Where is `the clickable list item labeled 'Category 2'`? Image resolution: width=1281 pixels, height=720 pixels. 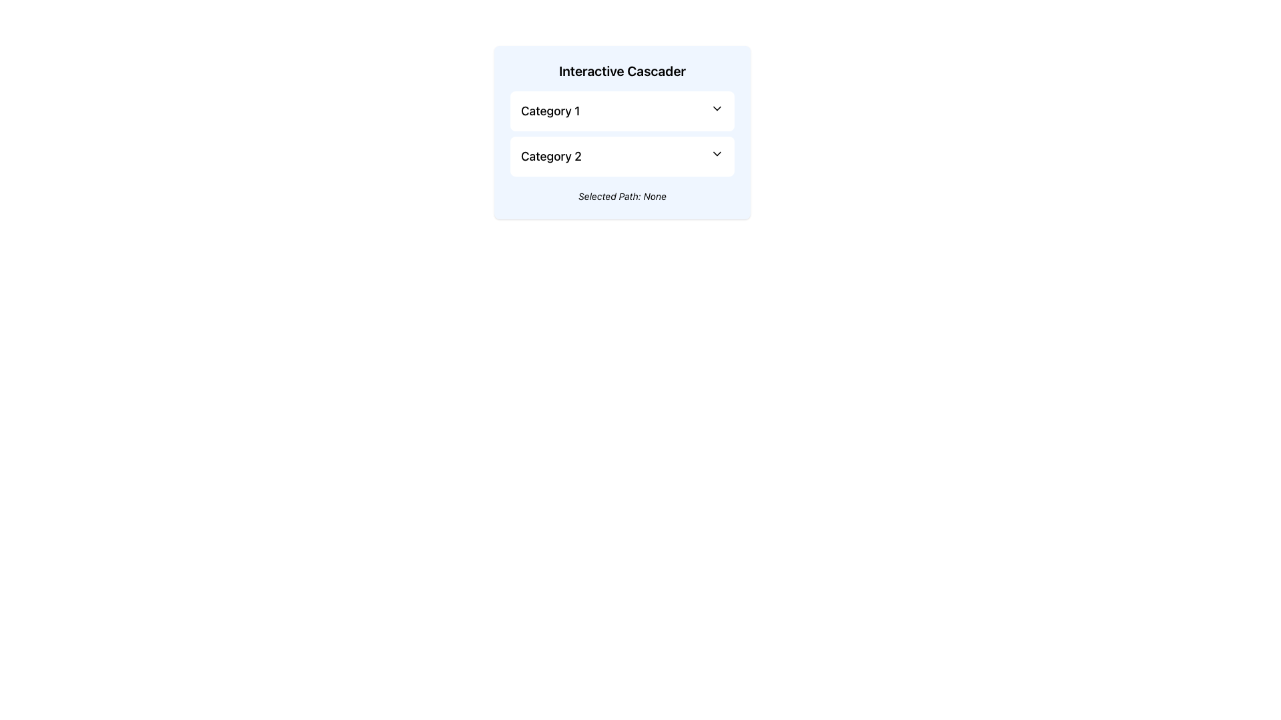
the clickable list item labeled 'Category 2' is located at coordinates (621, 156).